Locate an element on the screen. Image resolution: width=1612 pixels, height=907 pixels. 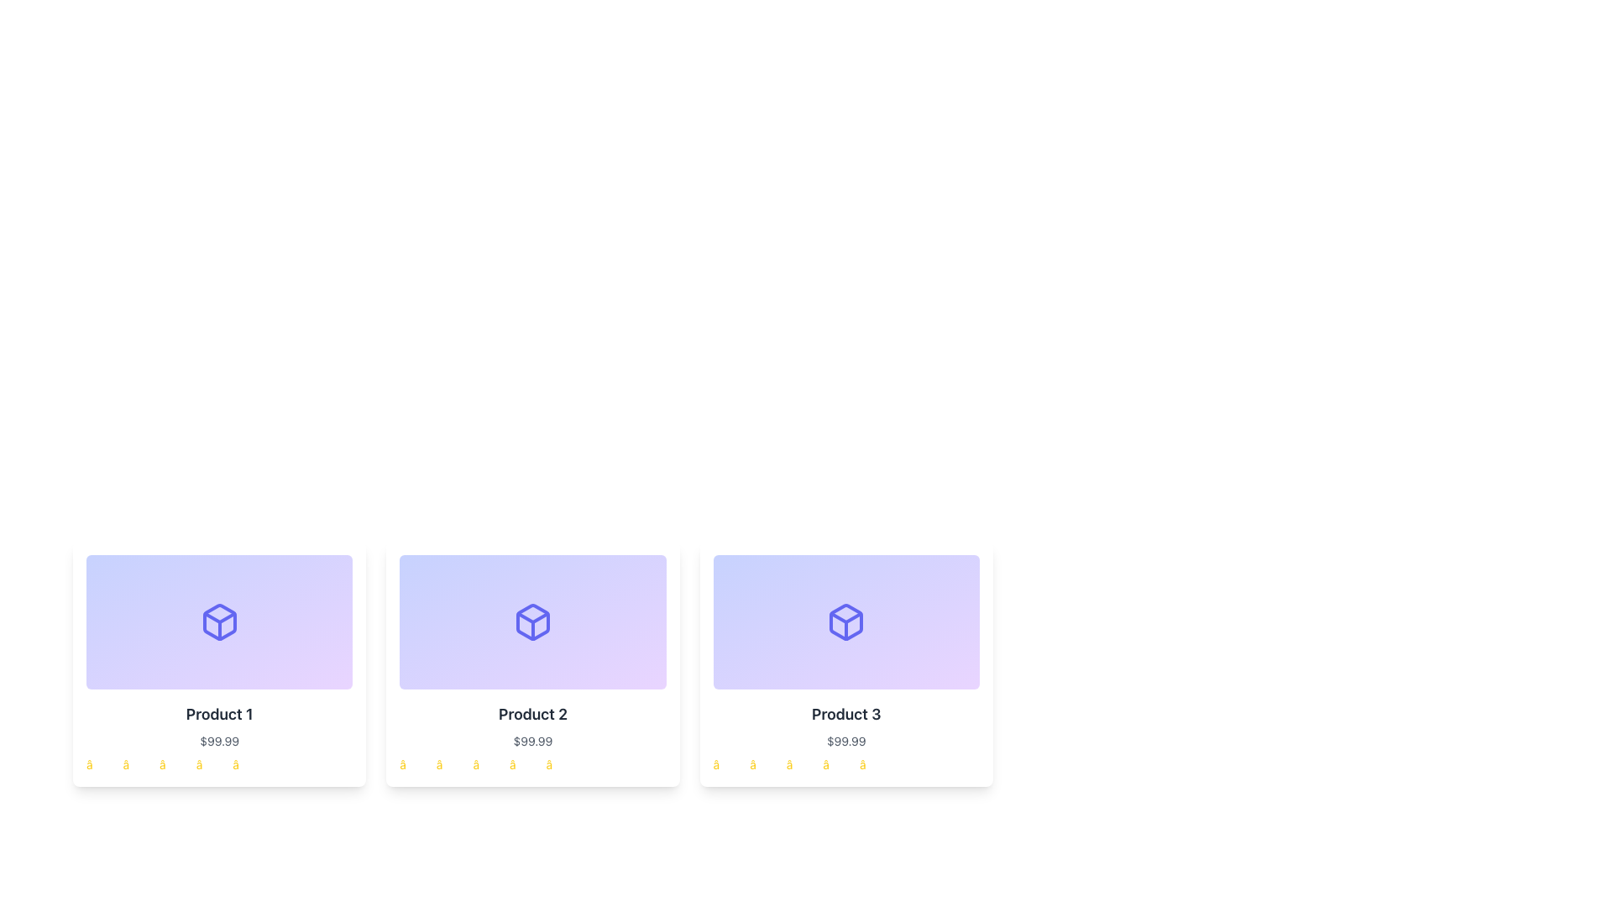
the Decorative card section with a blue box icon, which is the second card in a series of three horizontally aligned cards, positioned above the text elements 'Product 2' and '$99.99' is located at coordinates (531, 621).